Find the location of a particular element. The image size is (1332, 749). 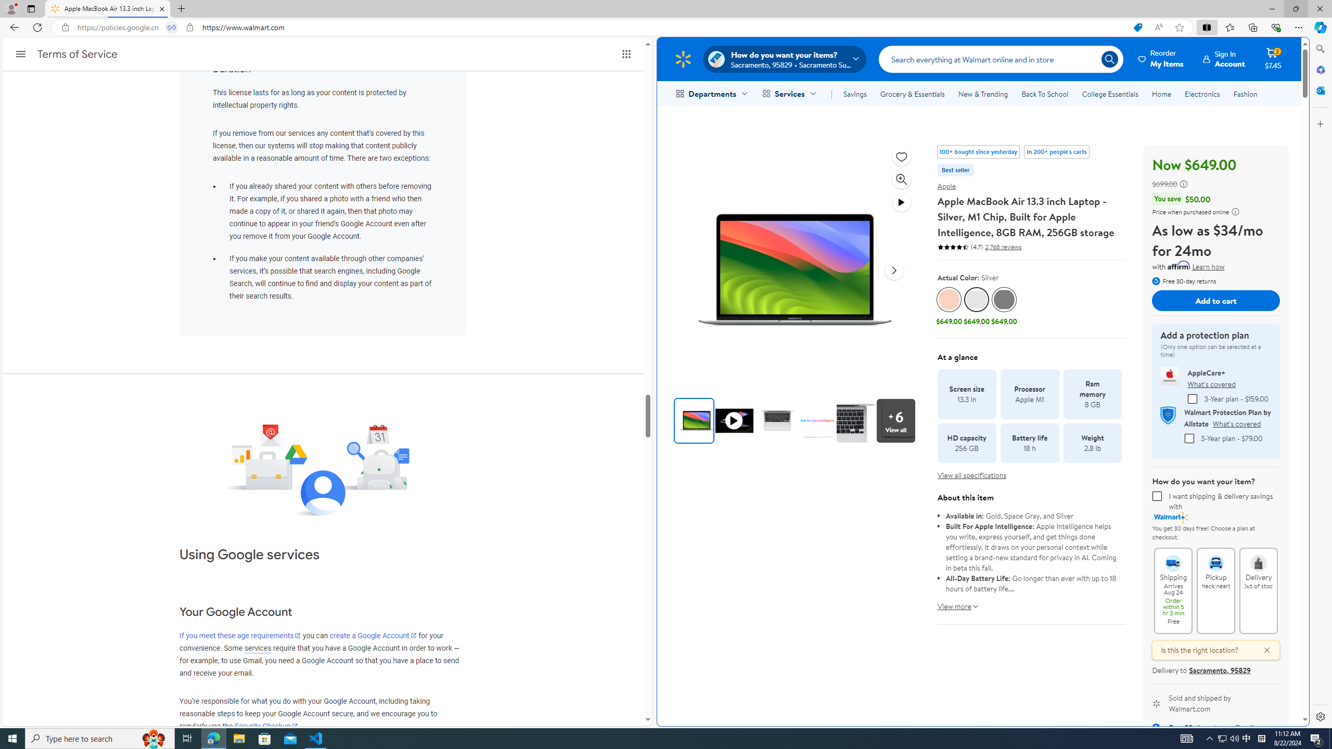

'Pickup Check nearby' is located at coordinates (1215, 558).